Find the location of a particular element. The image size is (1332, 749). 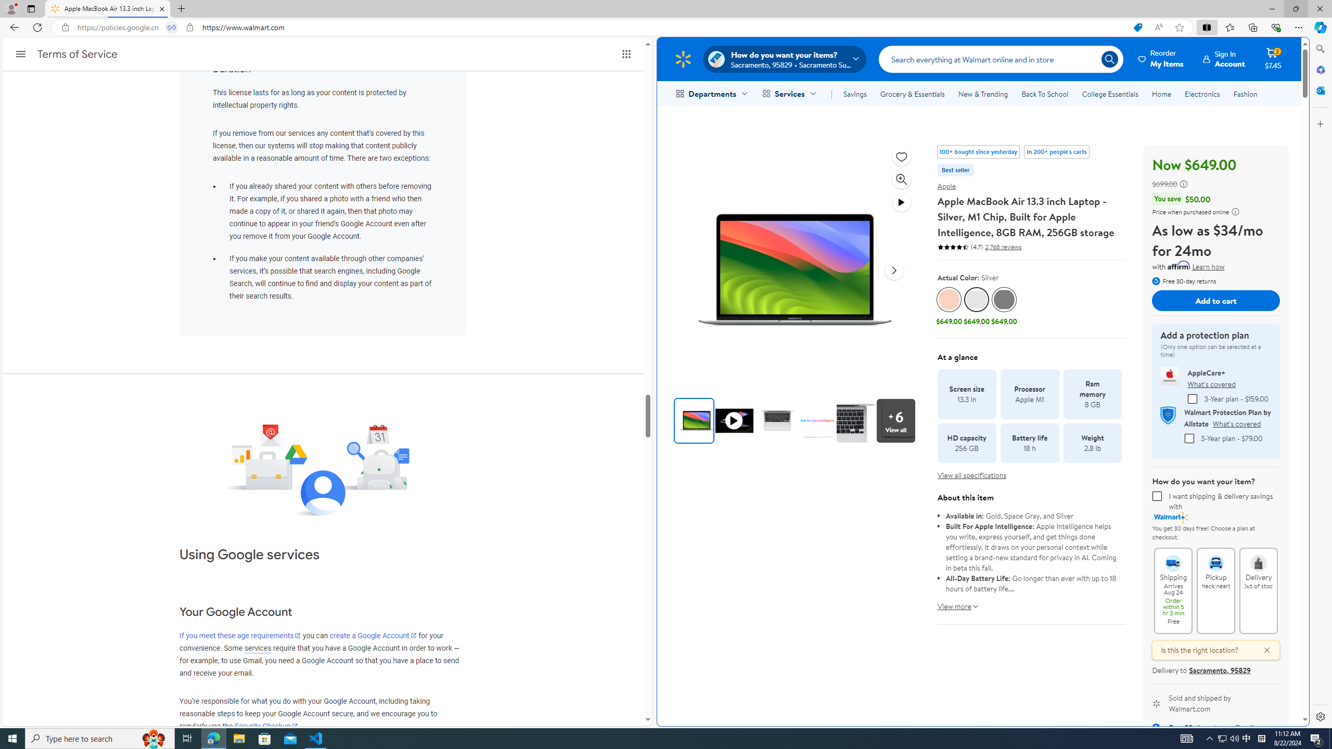

'Pickup Check nearby' is located at coordinates (1215, 558).